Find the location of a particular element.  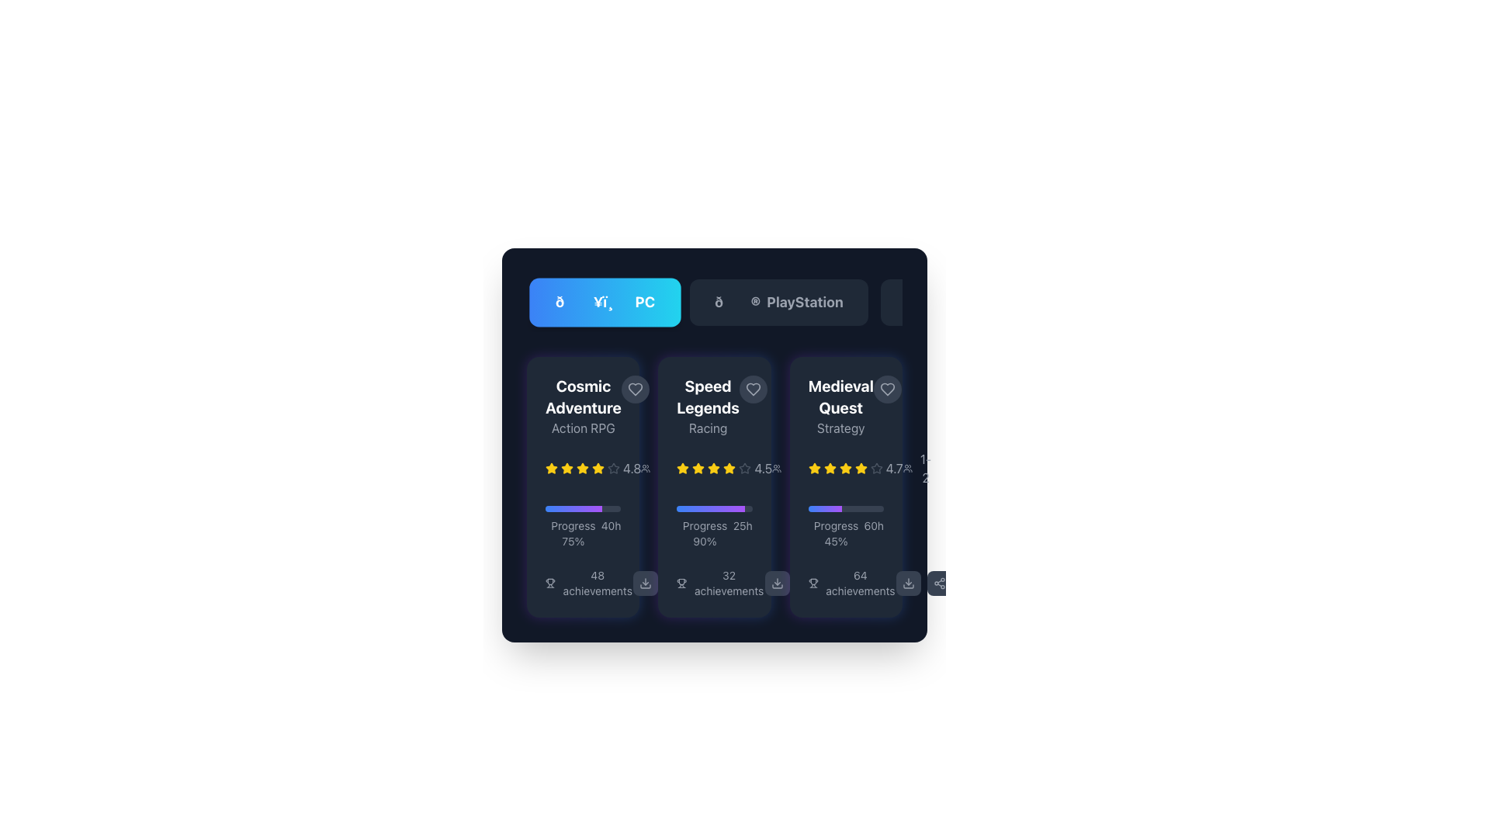

the rating represented by the Rating Indicator consisting of five star icons, four filled with yellow, and the text '4.7' in gray, located in the rating section of the 'Medieval Quest' card in the right-hand column is located at coordinates (854, 468).